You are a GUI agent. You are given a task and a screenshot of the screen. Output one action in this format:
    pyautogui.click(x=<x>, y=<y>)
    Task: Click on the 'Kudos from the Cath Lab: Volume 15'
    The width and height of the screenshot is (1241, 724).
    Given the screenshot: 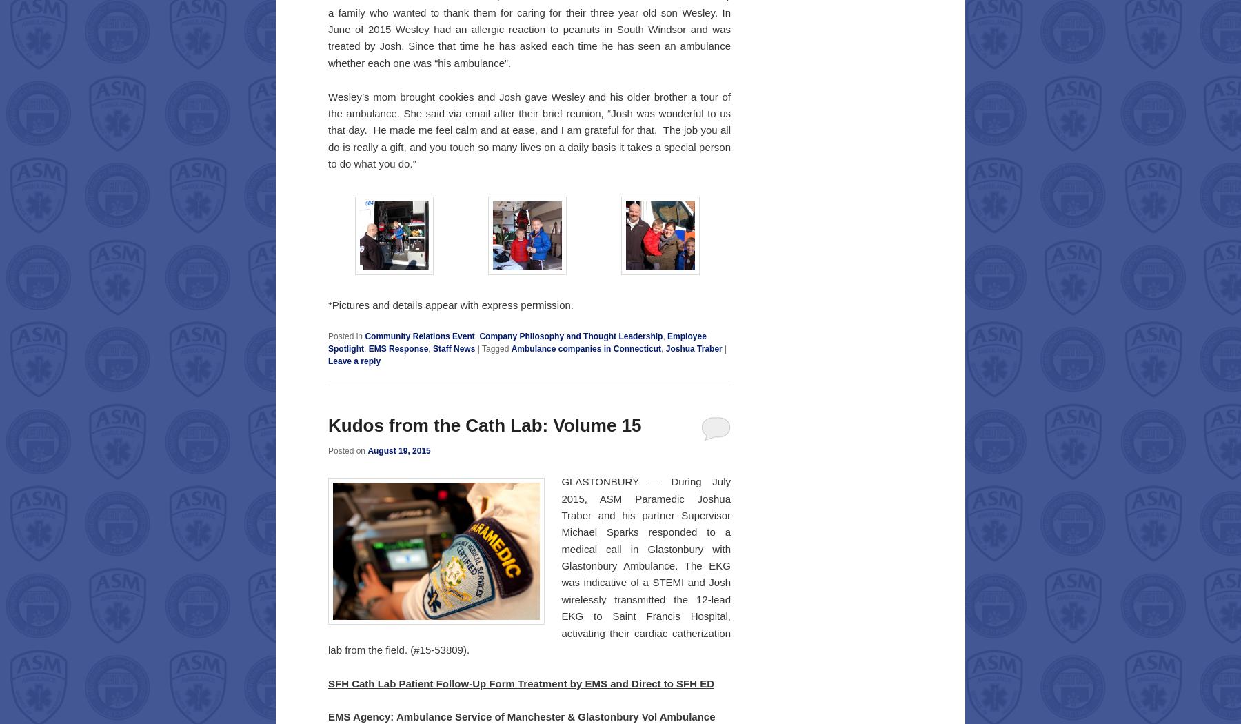 What is the action you would take?
    pyautogui.click(x=484, y=425)
    